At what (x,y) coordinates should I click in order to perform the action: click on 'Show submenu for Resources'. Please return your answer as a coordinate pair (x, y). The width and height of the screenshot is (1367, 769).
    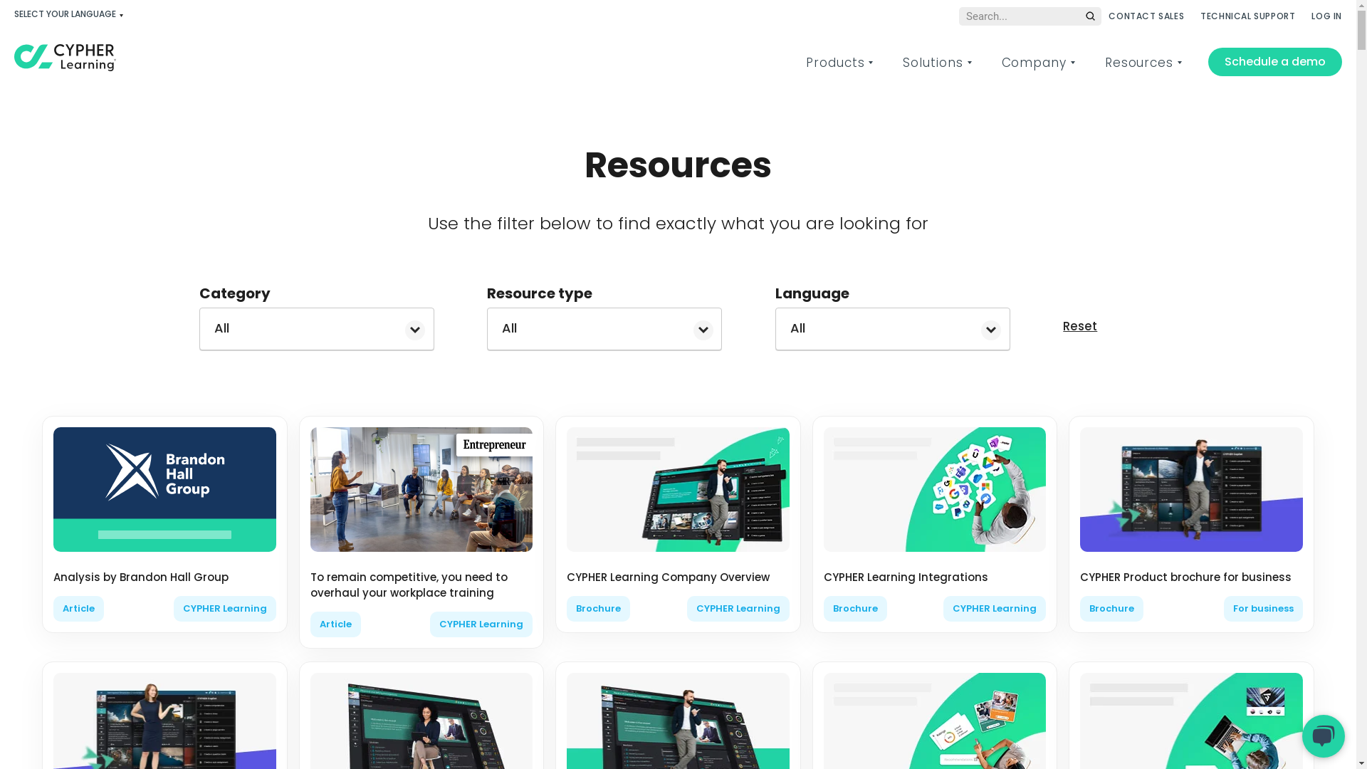
    Looking at the image, I should click on (1179, 62).